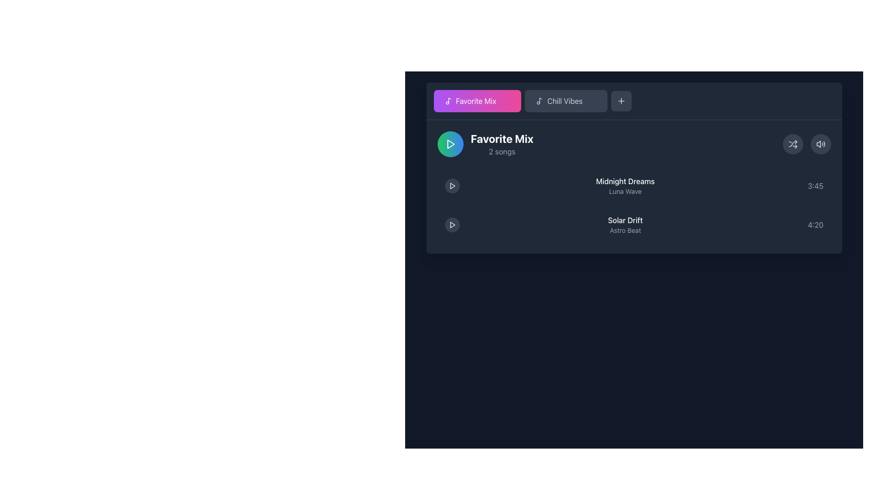  I want to click on the text label displaying the subtitle or description of the song titled 'Solar Drift', which is located directly below the title element, so click(625, 230).